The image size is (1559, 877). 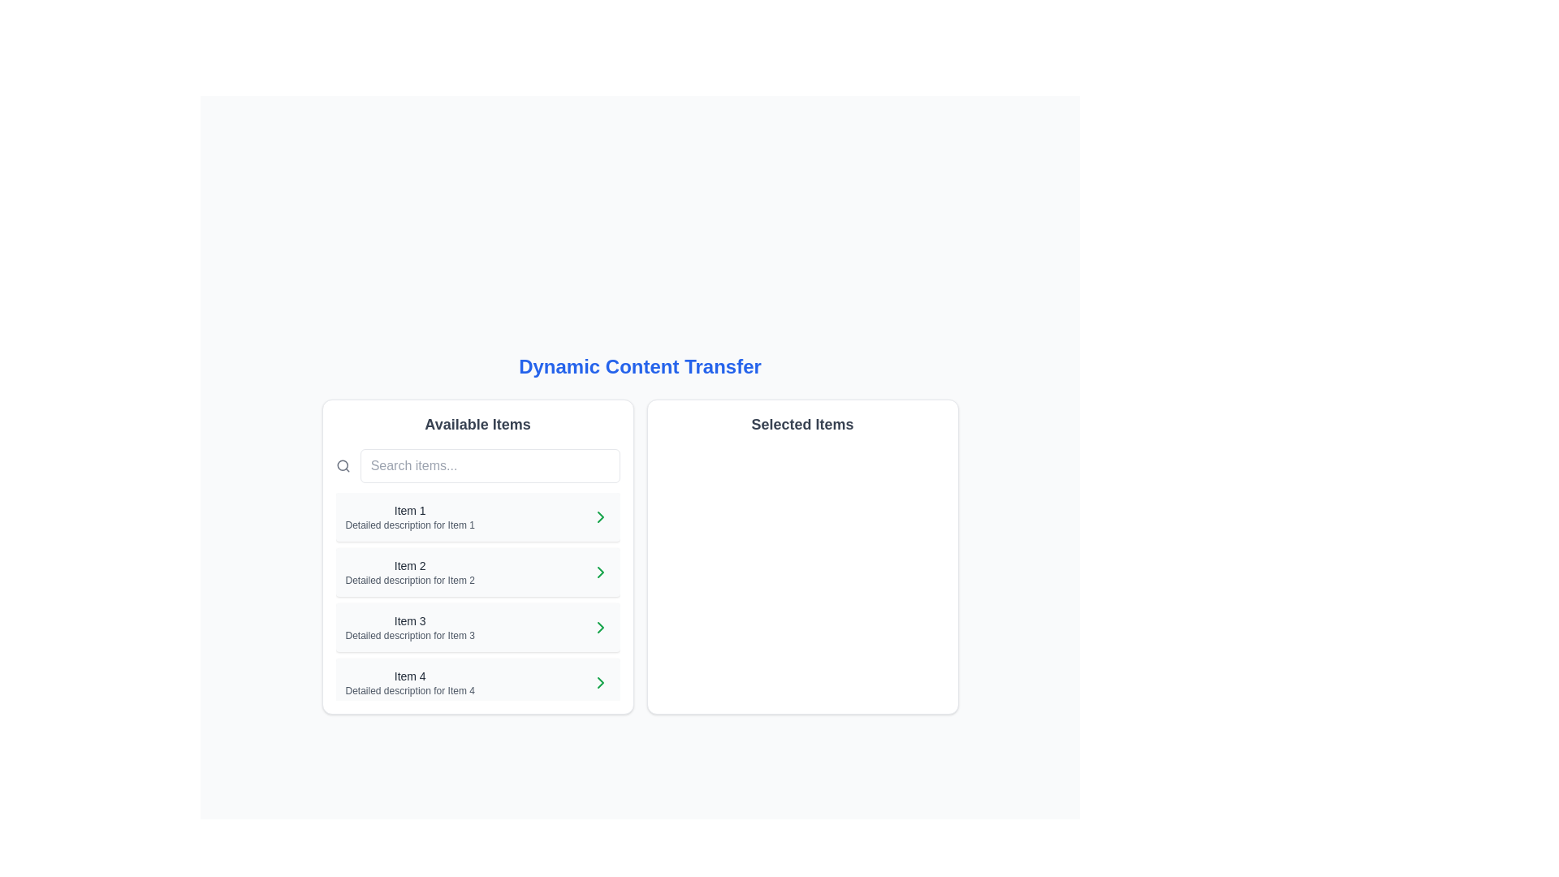 What do you see at coordinates (477, 626) in the screenshot?
I see `the third List Item in the 'Available Items' section, which displays the title and description, located directly beneath 'Item 2'` at bounding box center [477, 626].